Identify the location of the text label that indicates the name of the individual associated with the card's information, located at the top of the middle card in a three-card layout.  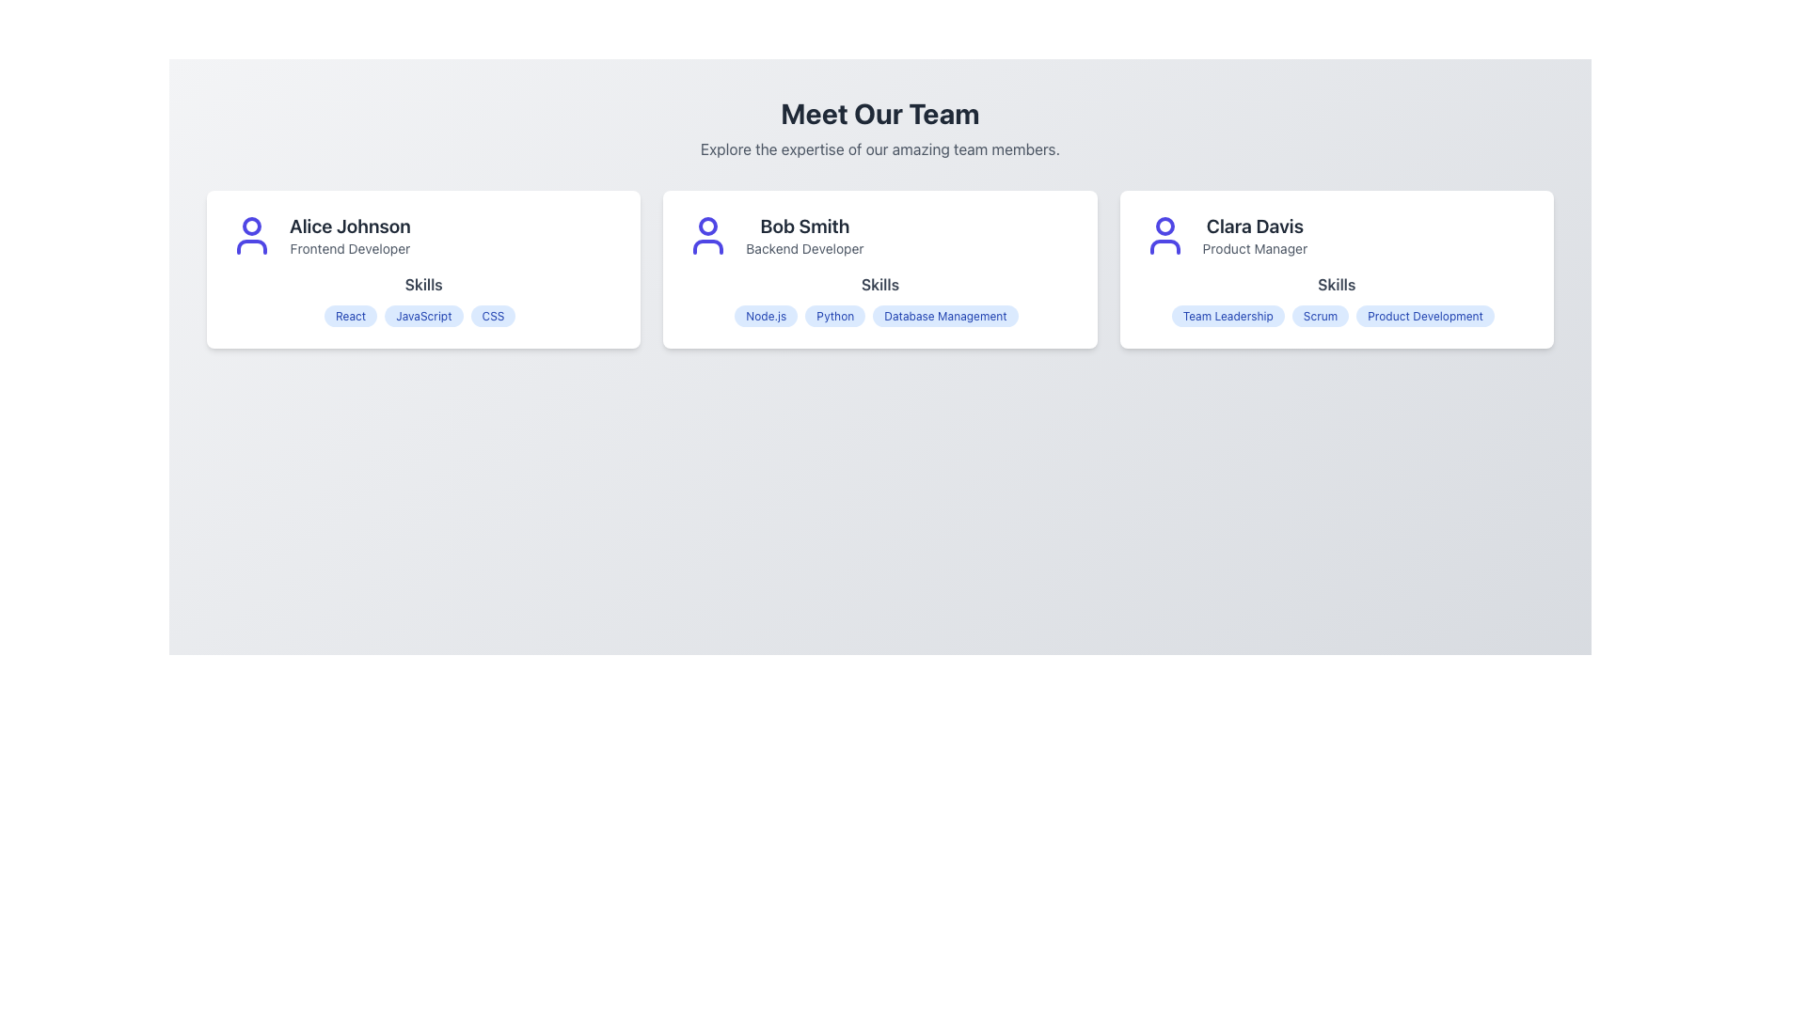
(804, 225).